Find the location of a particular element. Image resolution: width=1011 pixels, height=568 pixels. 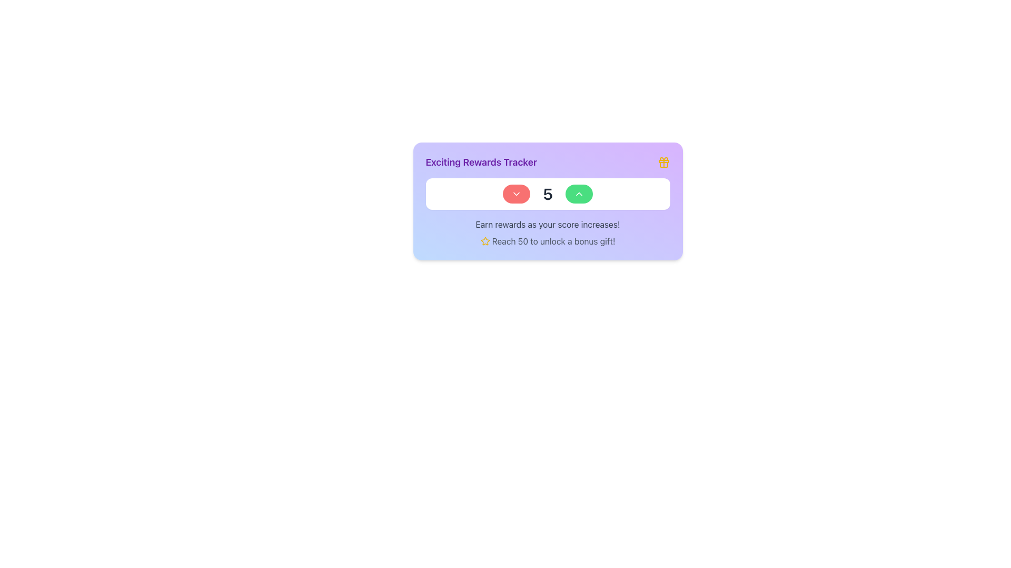

the red rounded-rectangle button with a downward-facing chevron symbol located in the scoring control section of the 'Exciting Rewards Tracker', positioned to the left of the number '5', to decrease the score is located at coordinates (517, 194).